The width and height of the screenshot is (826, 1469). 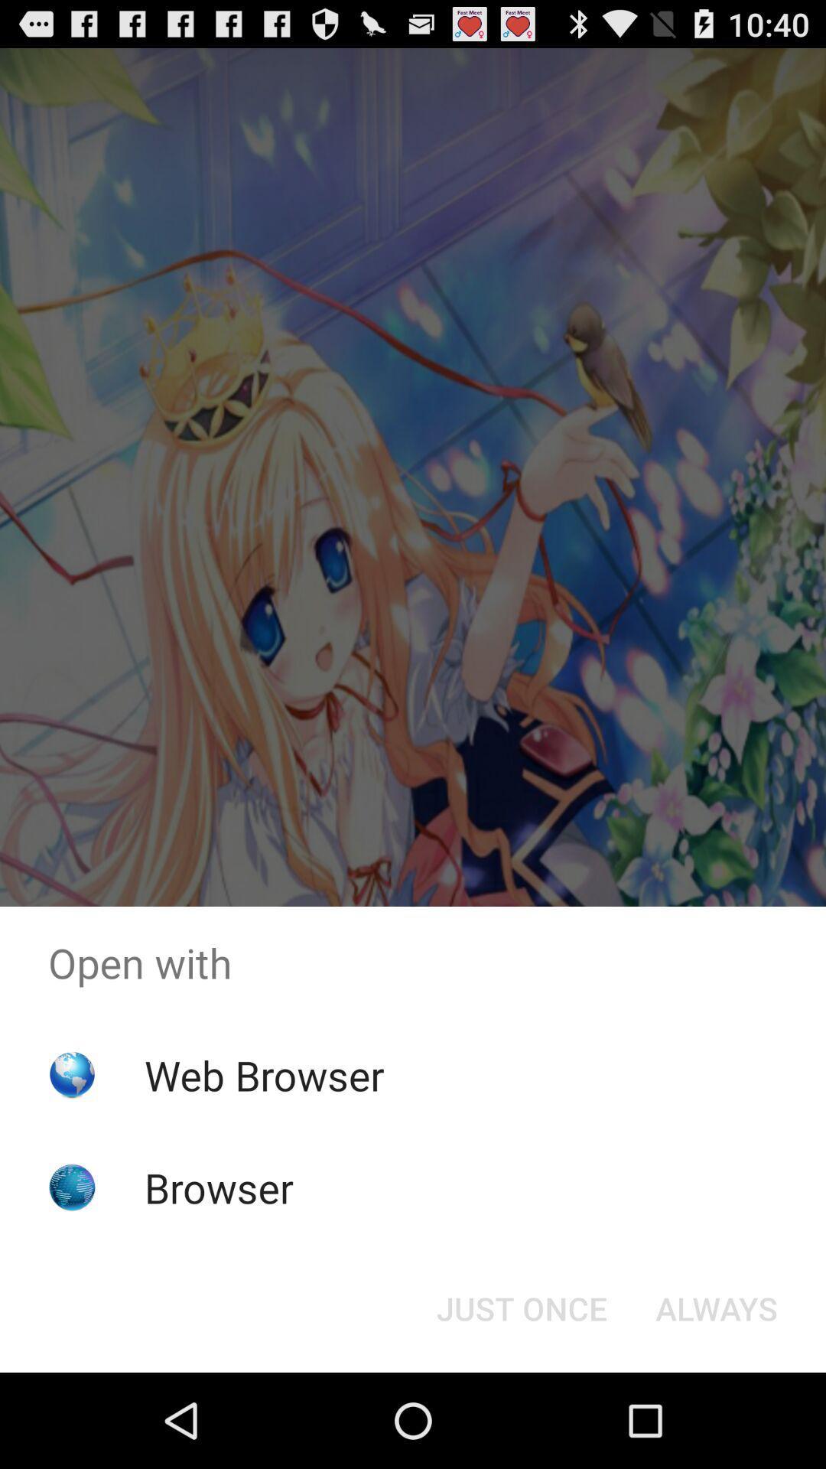 What do you see at coordinates (263, 1074) in the screenshot?
I see `the web browser app` at bounding box center [263, 1074].